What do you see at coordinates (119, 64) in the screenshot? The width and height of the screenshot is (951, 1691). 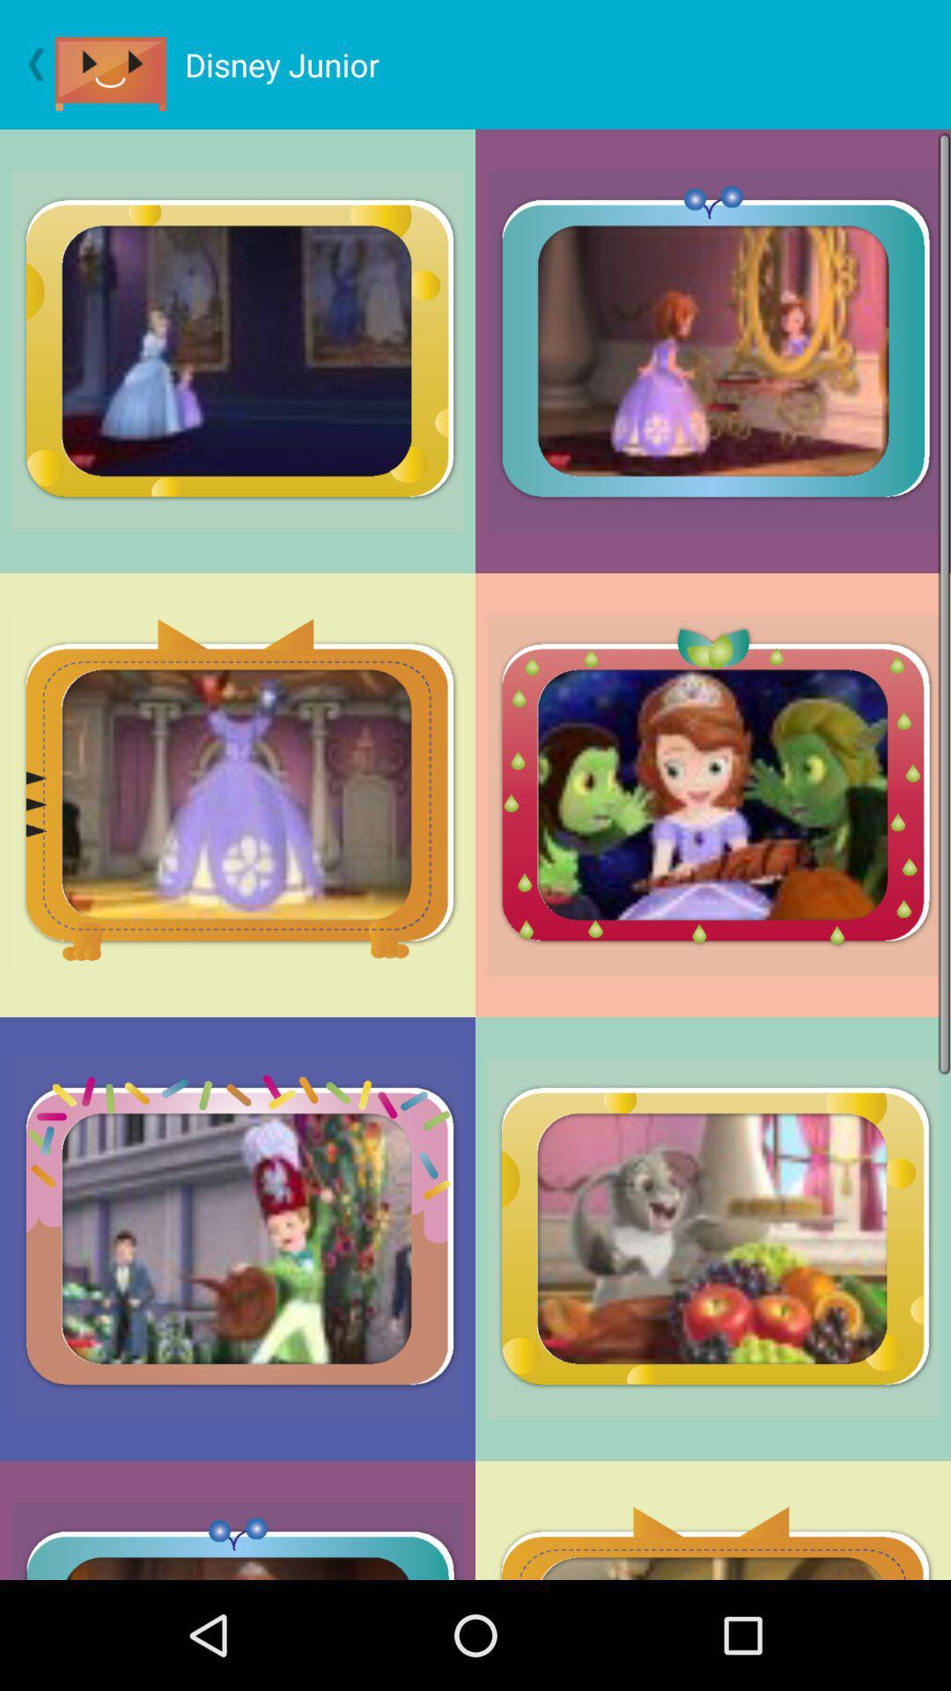 I see `go home` at bounding box center [119, 64].